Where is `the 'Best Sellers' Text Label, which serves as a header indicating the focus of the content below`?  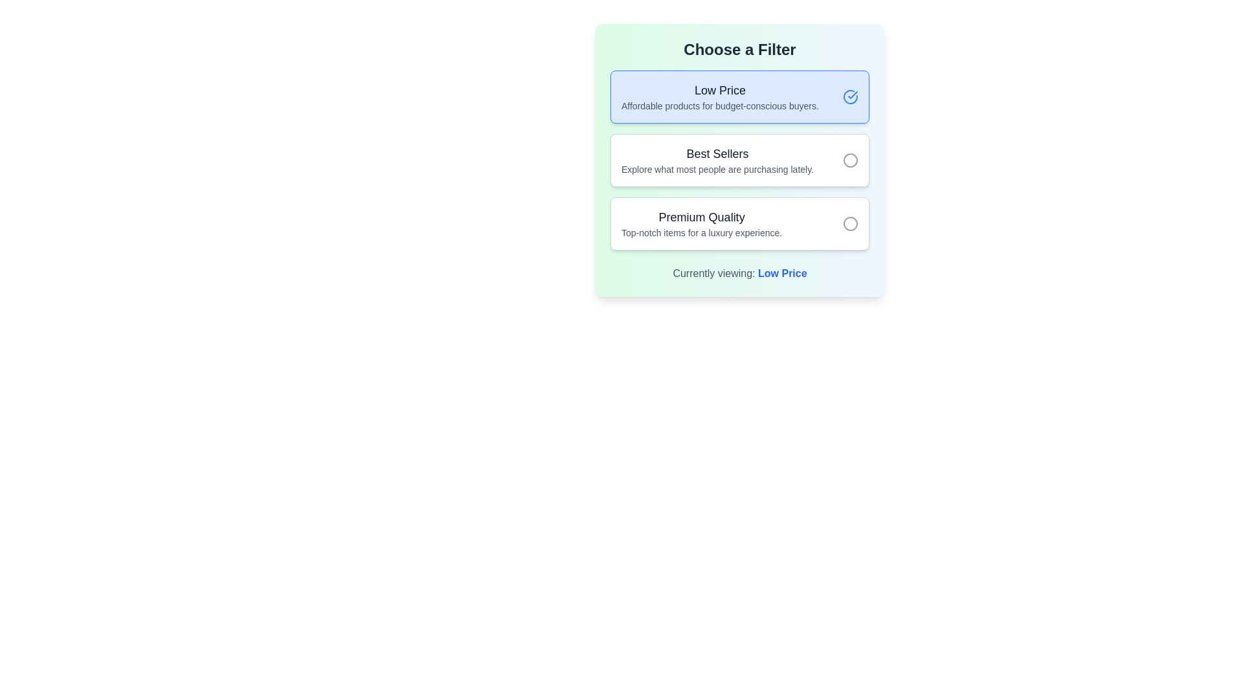
the 'Best Sellers' Text Label, which serves as a header indicating the focus of the content below is located at coordinates (717, 153).